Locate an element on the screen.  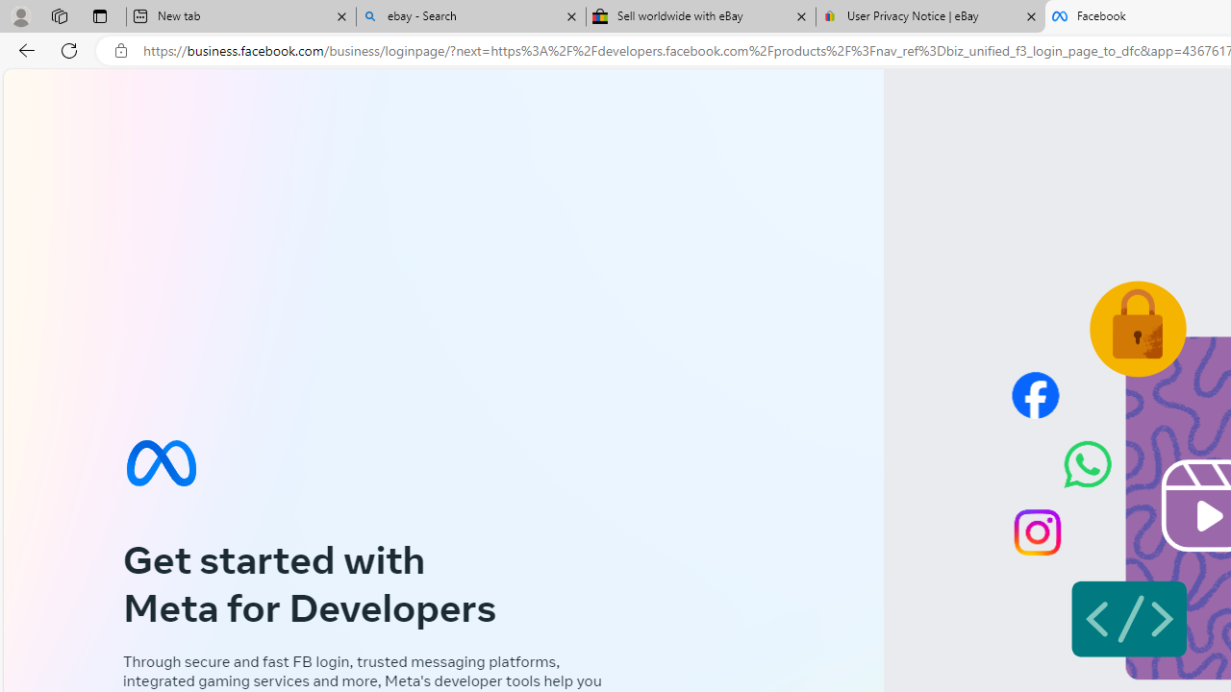
'Meta symbol' is located at coordinates (161, 462).